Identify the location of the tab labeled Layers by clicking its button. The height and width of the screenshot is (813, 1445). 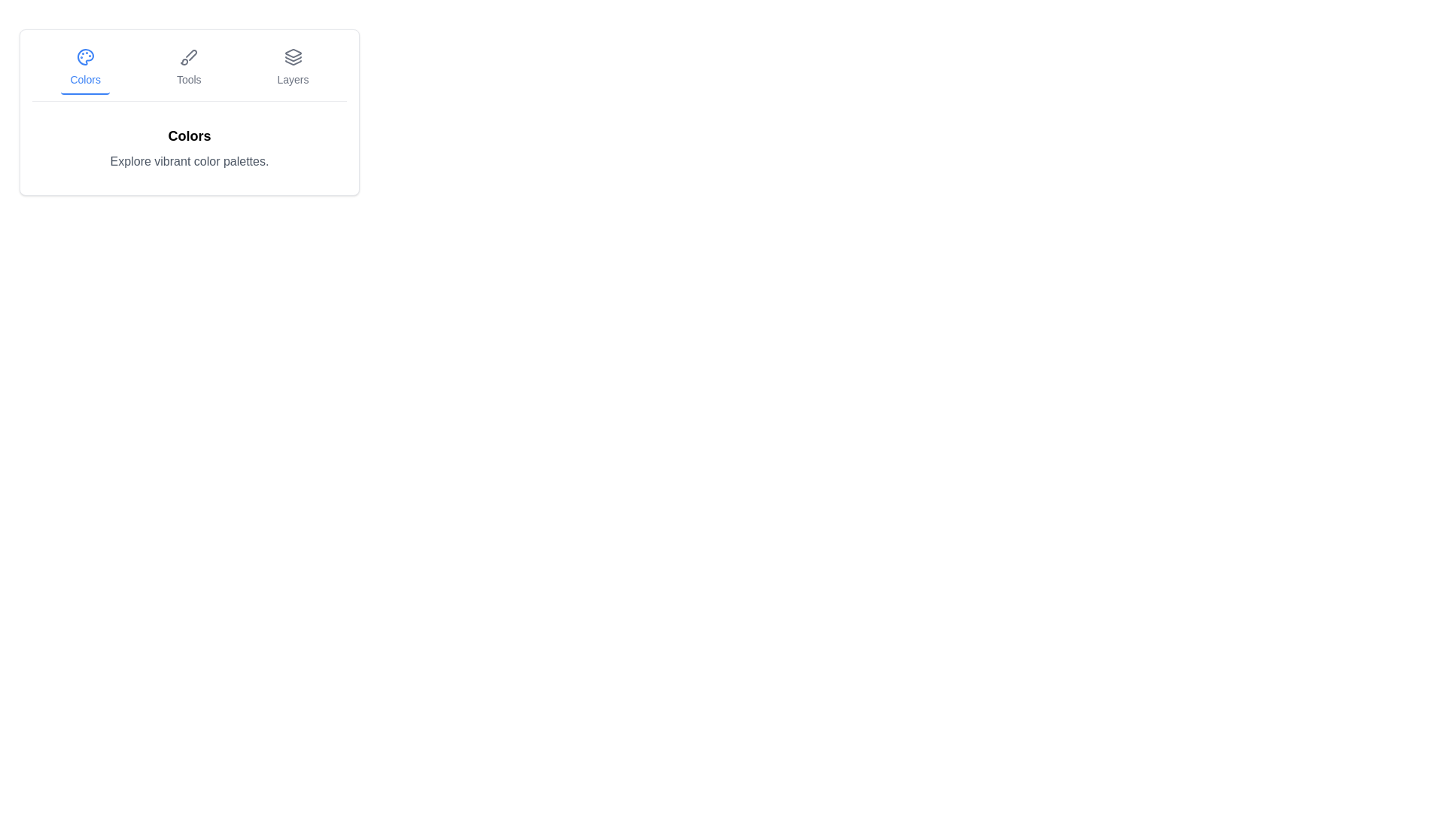
(293, 69).